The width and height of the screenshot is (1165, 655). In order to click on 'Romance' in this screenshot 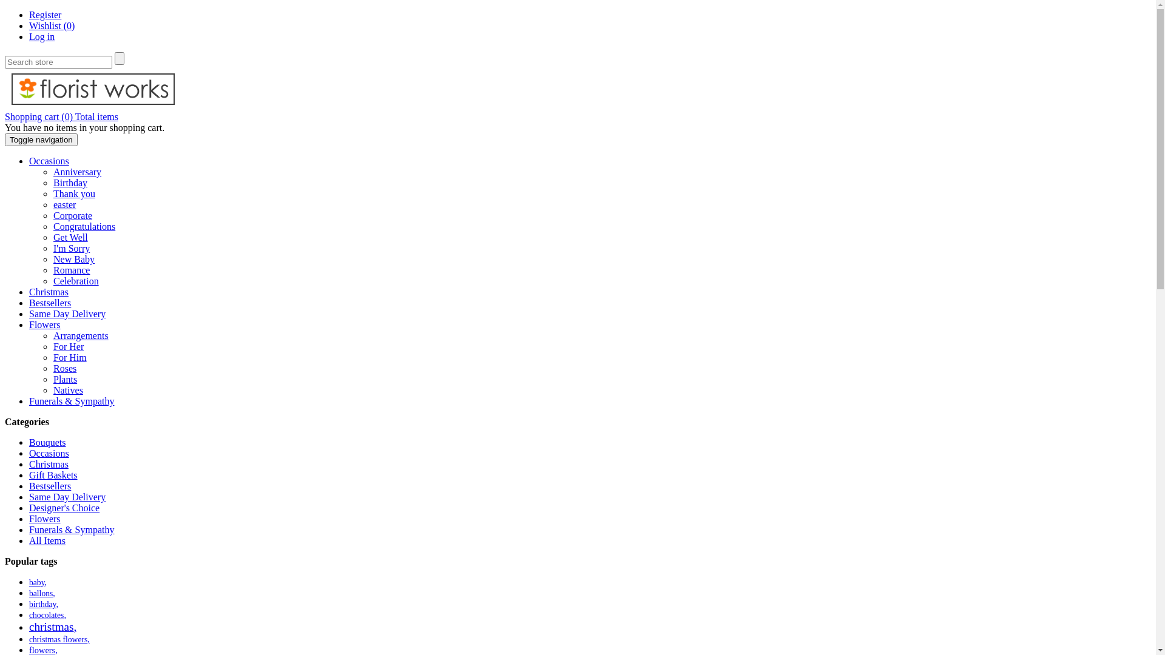, I will do `click(71, 269)`.